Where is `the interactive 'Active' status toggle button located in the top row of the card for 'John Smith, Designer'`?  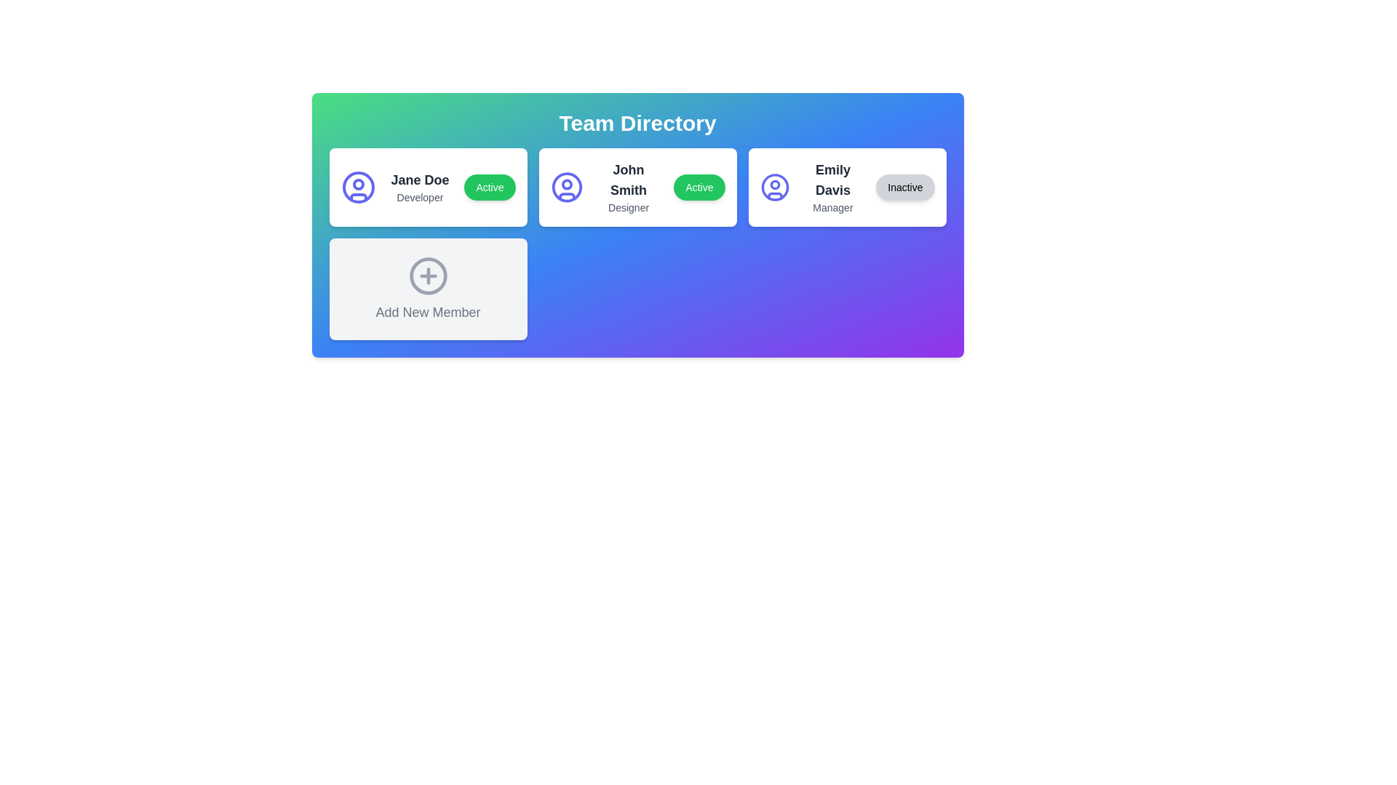
the interactive 'Active' status toggle button located in the top row of the card for 'John Smith, Designer' is located at coordinates (699, 187).